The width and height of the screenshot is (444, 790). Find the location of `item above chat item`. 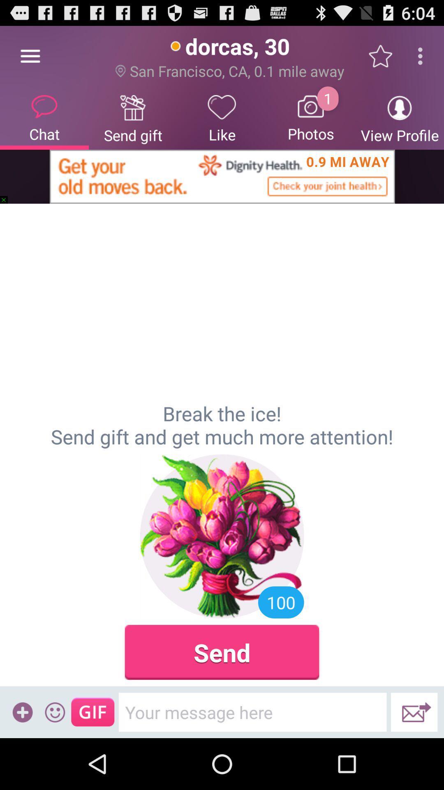

item above chat item is located at coordinates (30, 56).